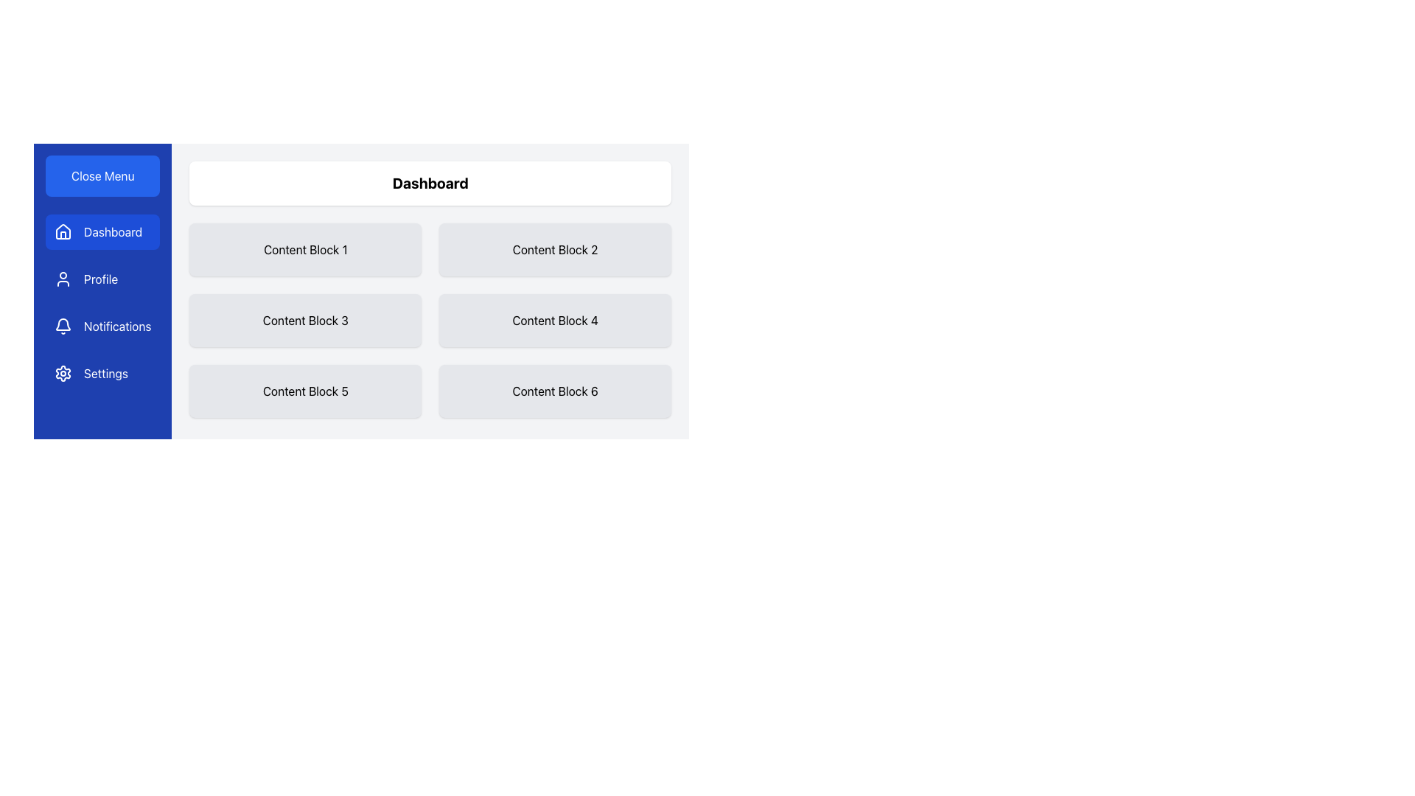 The width and height of the screenshot is (1415, 796). What do you see at coordinates (102, 279) in the screenshot?
I see `the Profile navigation button located on the left navigation bar, specifically the second option from the top` at bounding box center [102, 279].